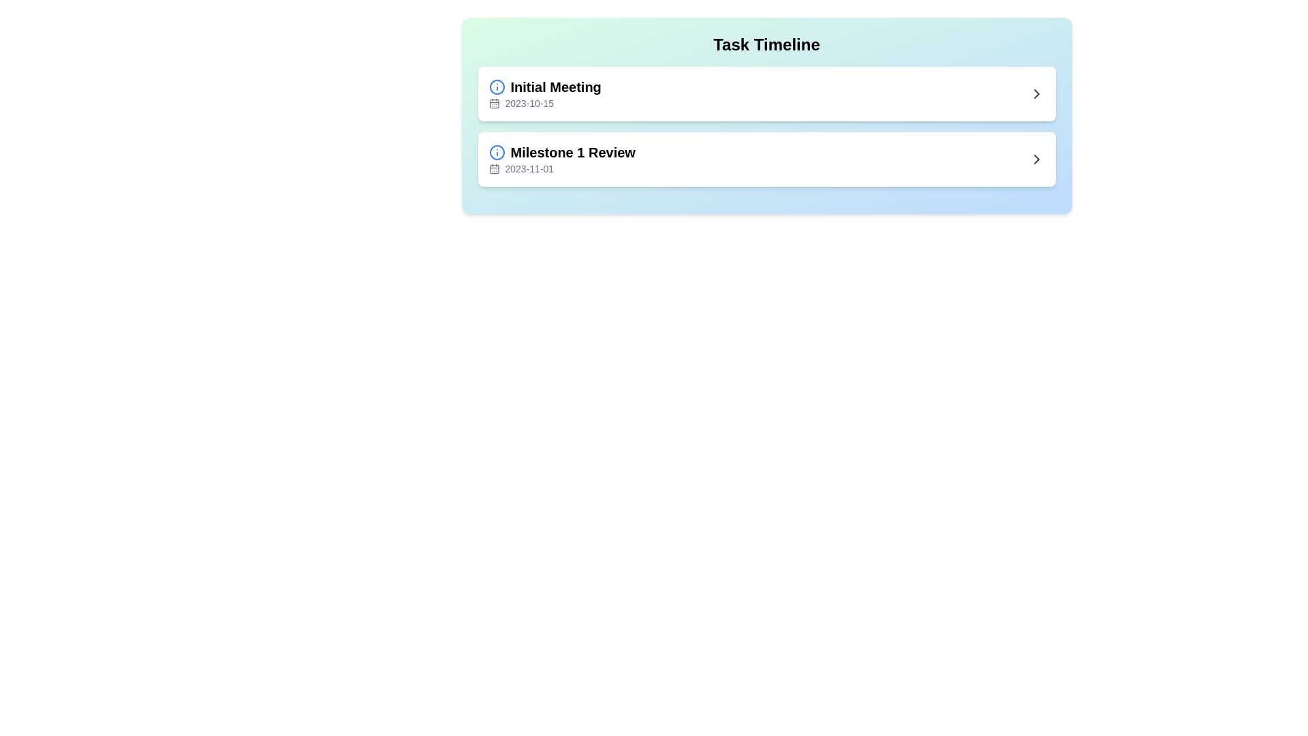  I want to click on the text block labeled 'Milestone 1 Review' with the date '2023-11-01', which includes an informational icon and a calendar icon, located in the middle section of the timeline interface, so click(562, 159).